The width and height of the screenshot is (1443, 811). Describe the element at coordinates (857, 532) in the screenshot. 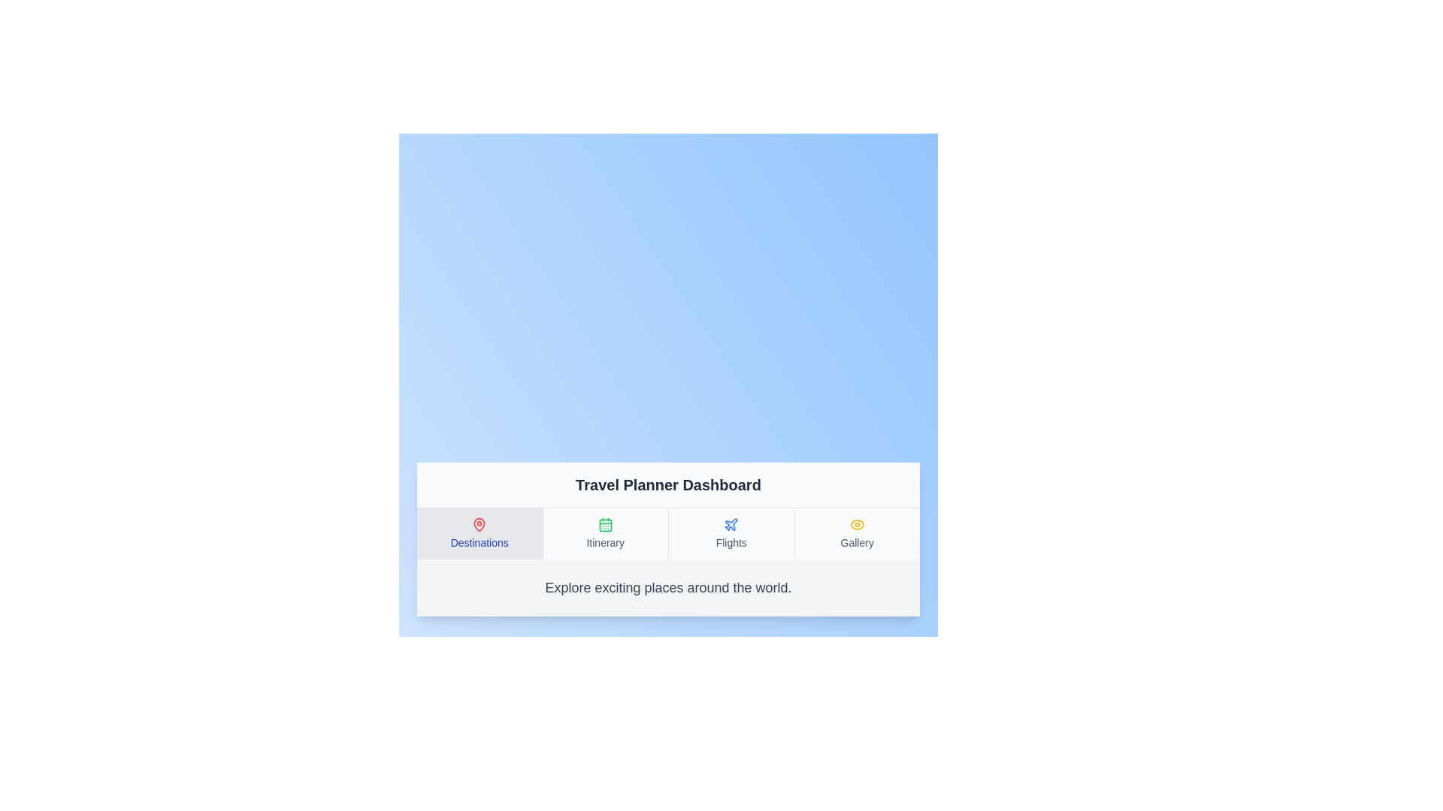

I see `the fourth button in the horizontal menu labeled 'Gallery', which features a yellow eye icon above gray text` at that location.